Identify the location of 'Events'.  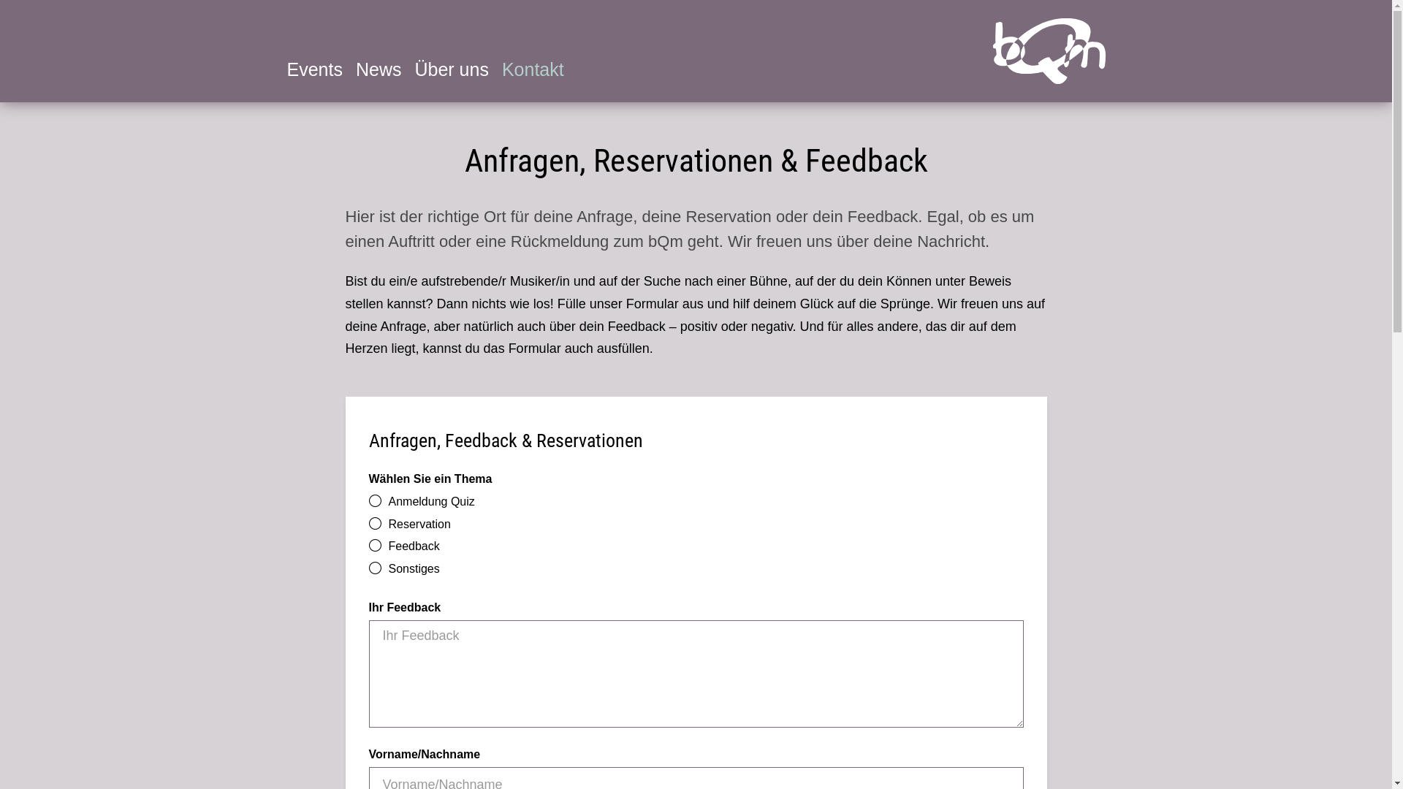
(313, 69).